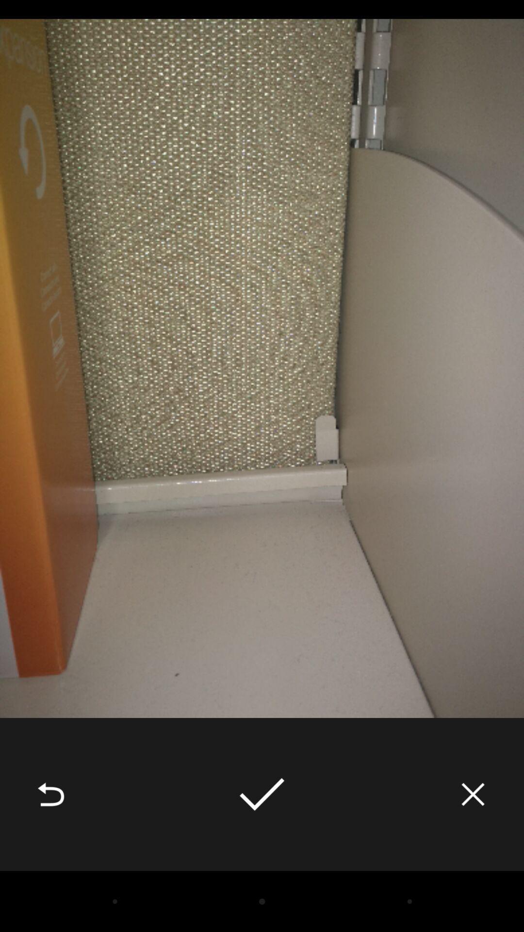 The height and width of the screenshot is (932, 524). I want to click on icon at the bottom left corner, so click(50, 794).